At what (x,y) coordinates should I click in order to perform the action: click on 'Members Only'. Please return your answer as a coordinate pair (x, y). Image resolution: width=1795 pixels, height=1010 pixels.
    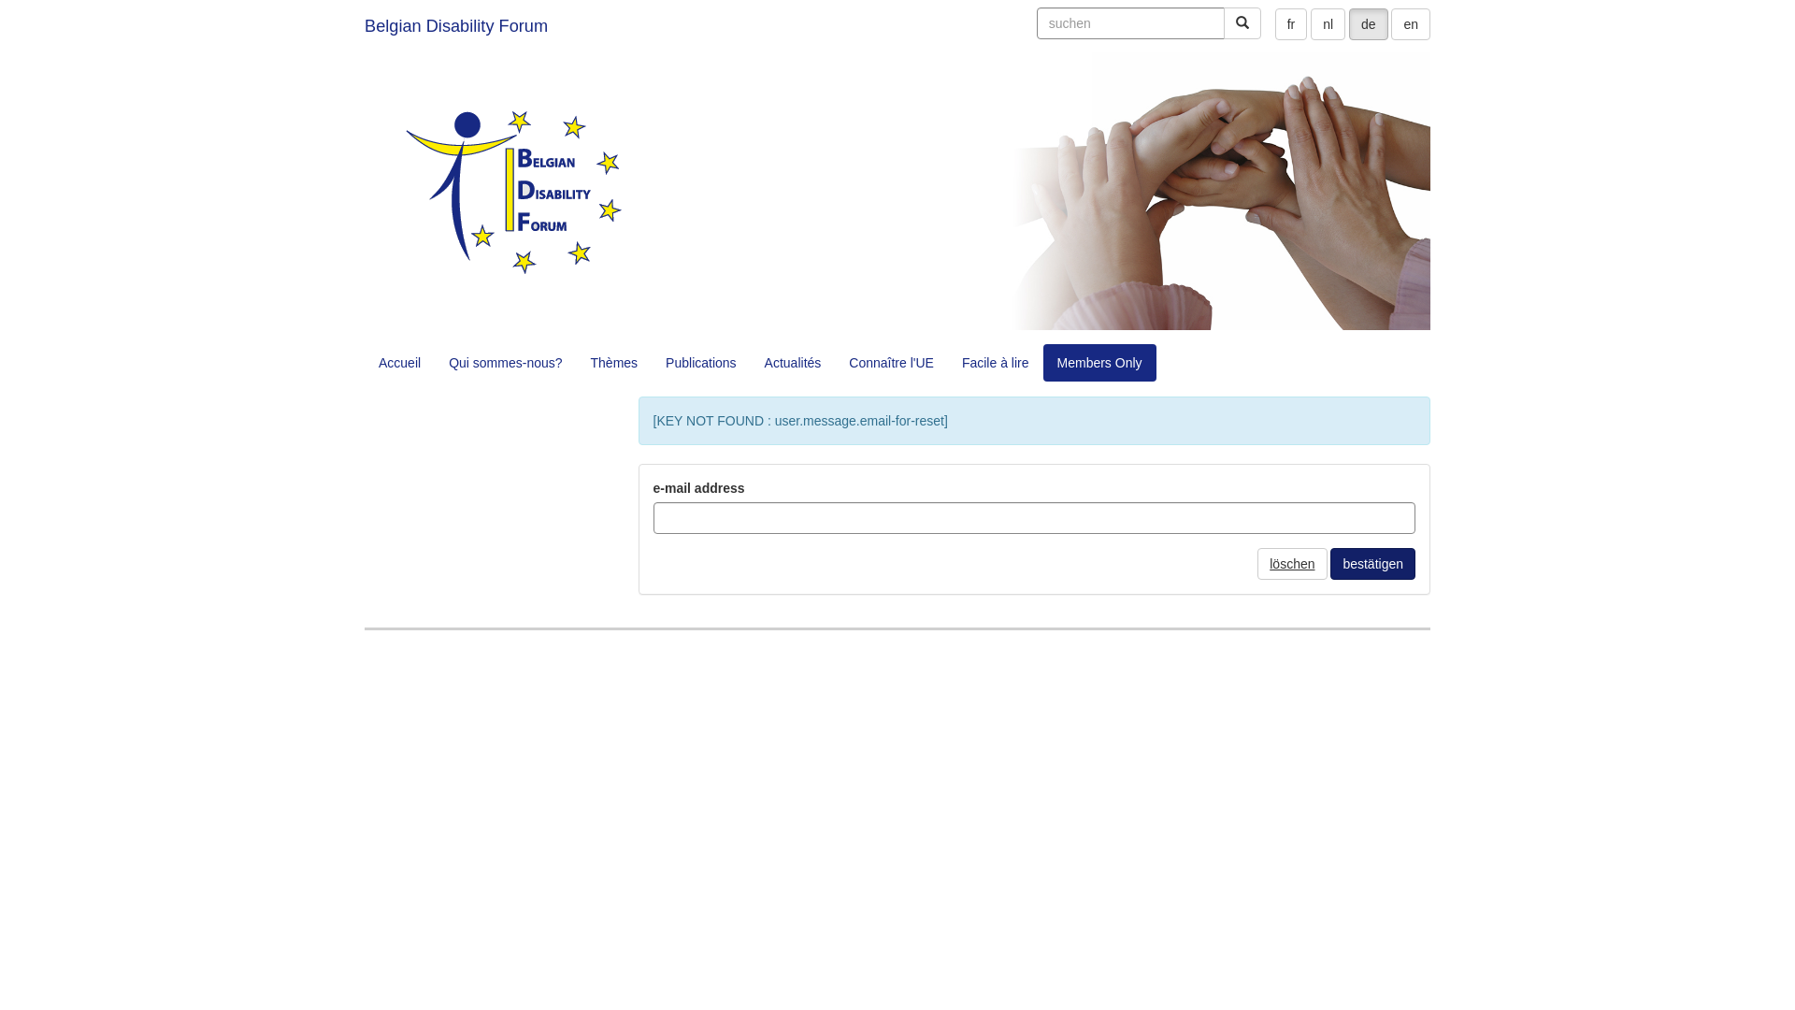
    Looking at the image, I should click on (1042, 363).